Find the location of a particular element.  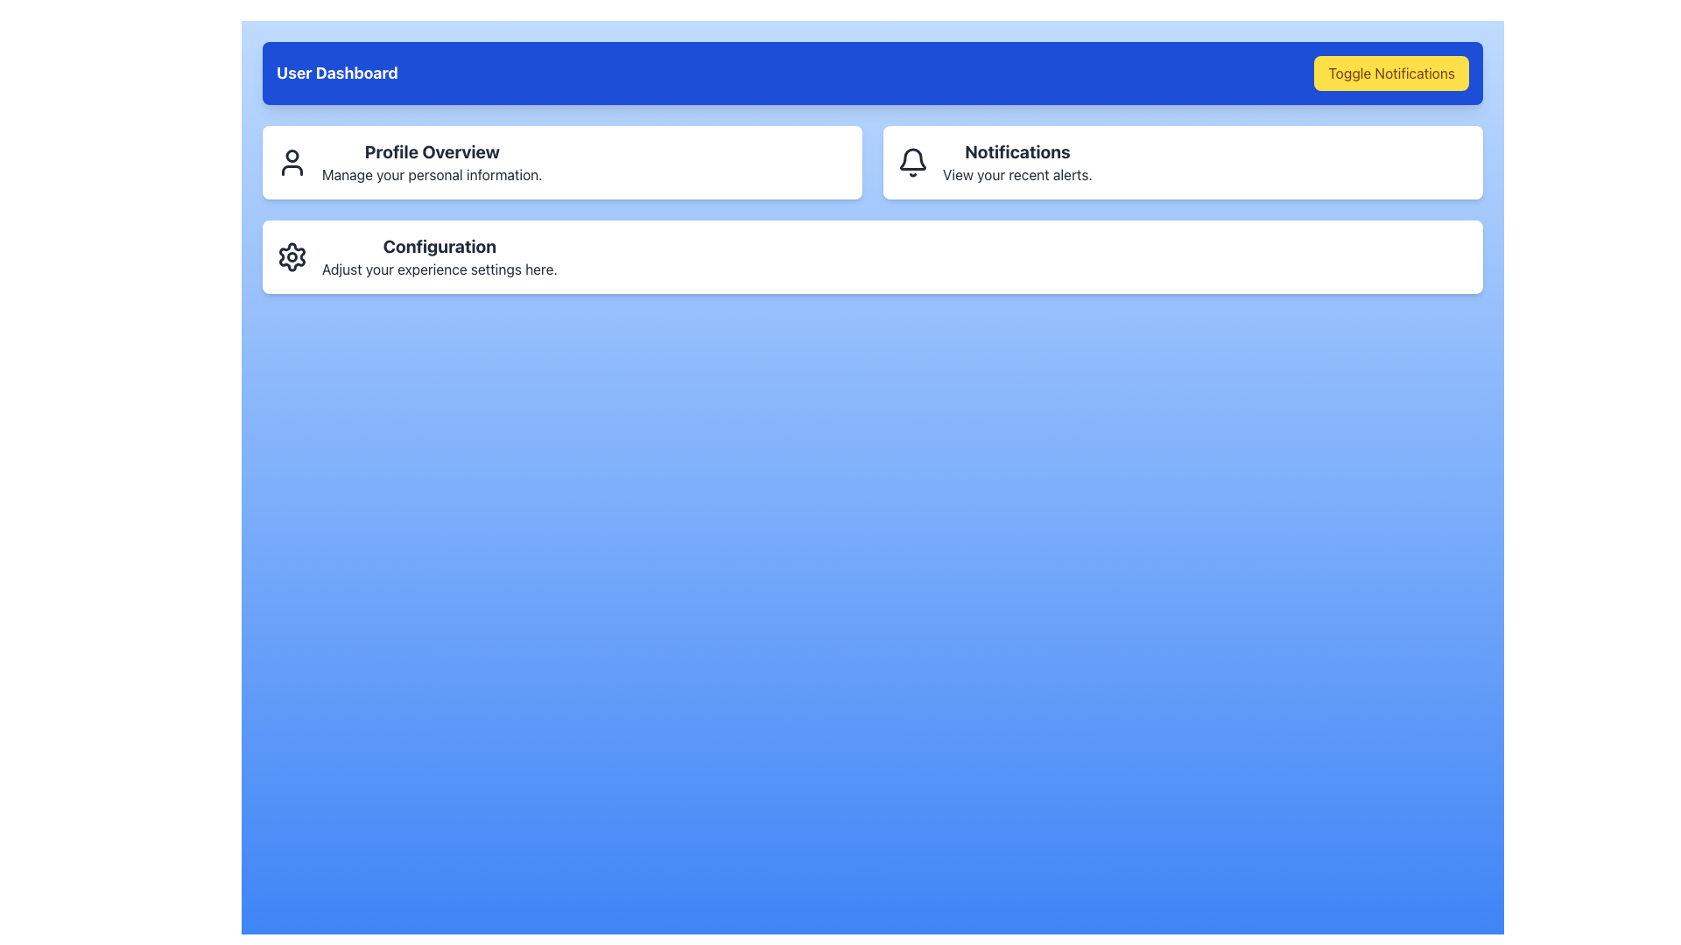

the descriptive text label that guides the user to modify their experience settings, located below the 'Configuration' header and indented compared to the gear icon is located at coordinates (440, 269).